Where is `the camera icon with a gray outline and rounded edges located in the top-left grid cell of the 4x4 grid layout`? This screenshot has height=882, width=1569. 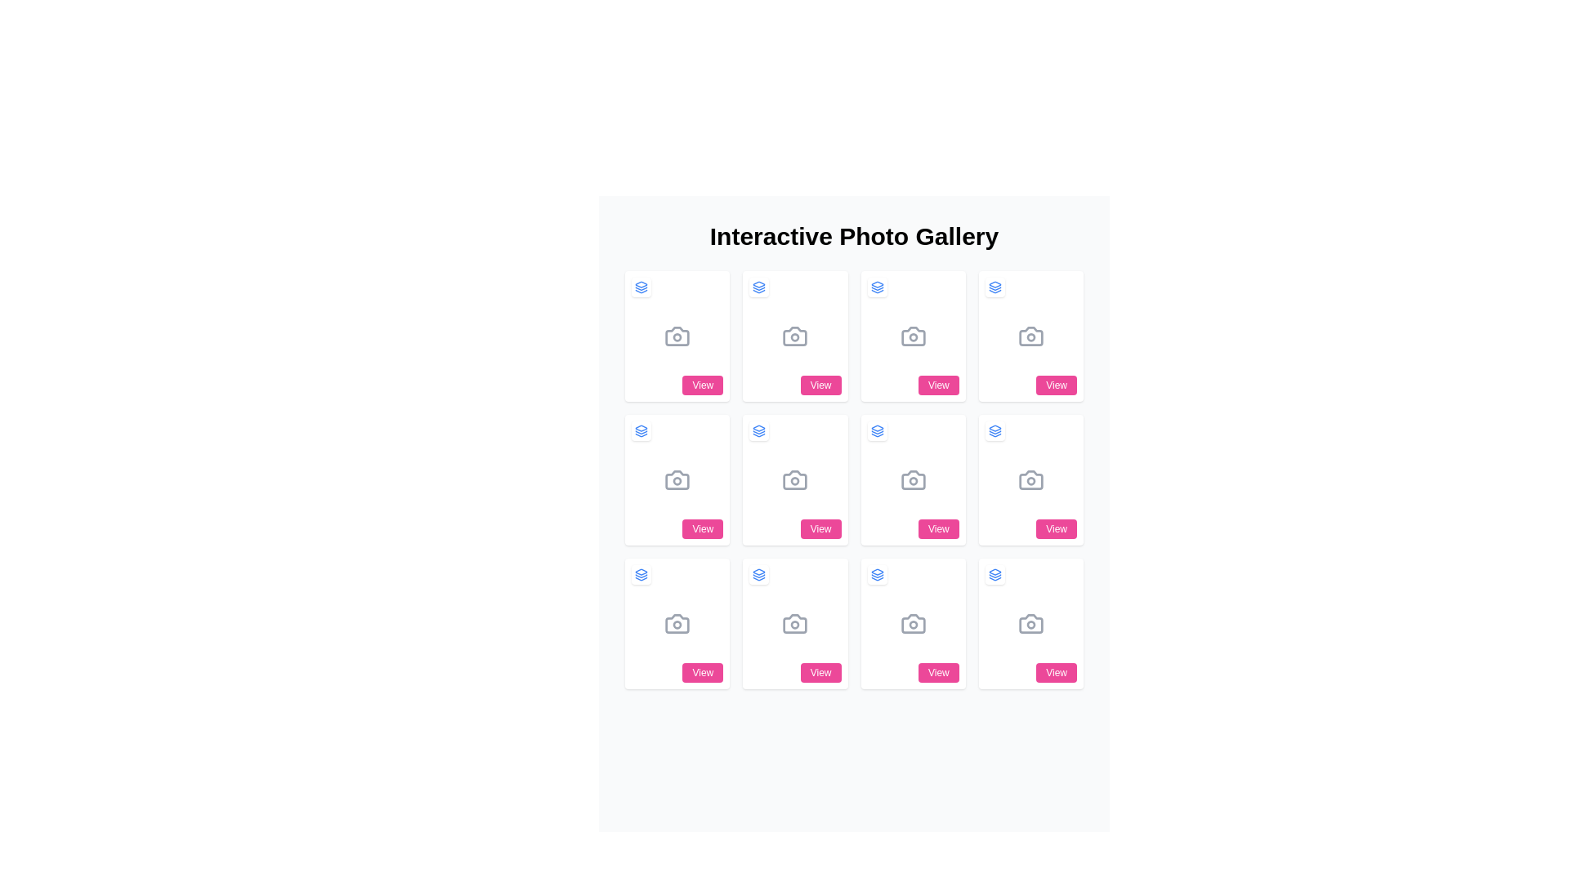 the camera icon with a gray outline and rounded edges located in the top-left grid cell of the 4x4 grid layout is located at coordinates (677, 336).